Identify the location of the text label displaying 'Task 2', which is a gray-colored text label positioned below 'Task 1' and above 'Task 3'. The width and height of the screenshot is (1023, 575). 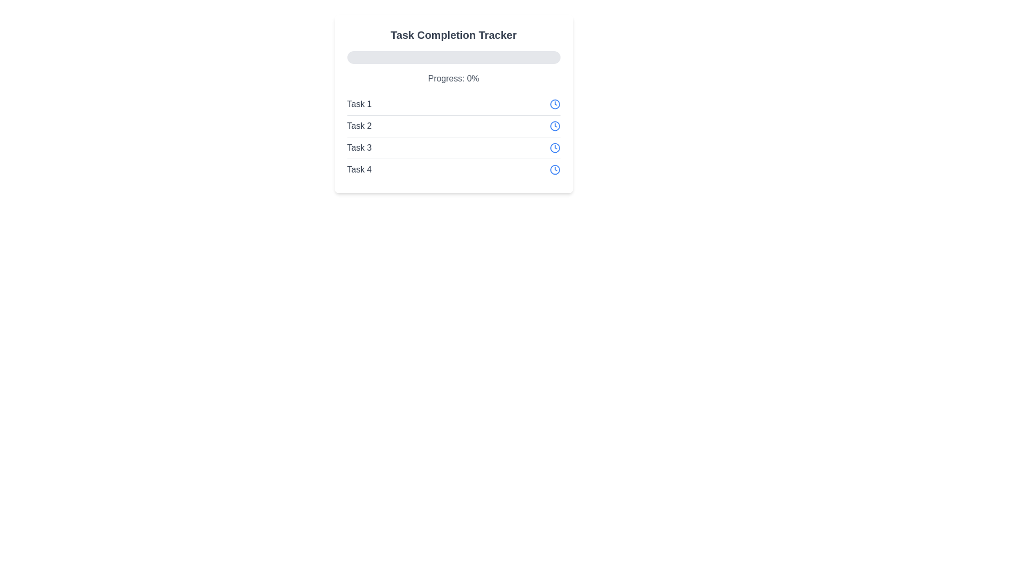
(359, 125).